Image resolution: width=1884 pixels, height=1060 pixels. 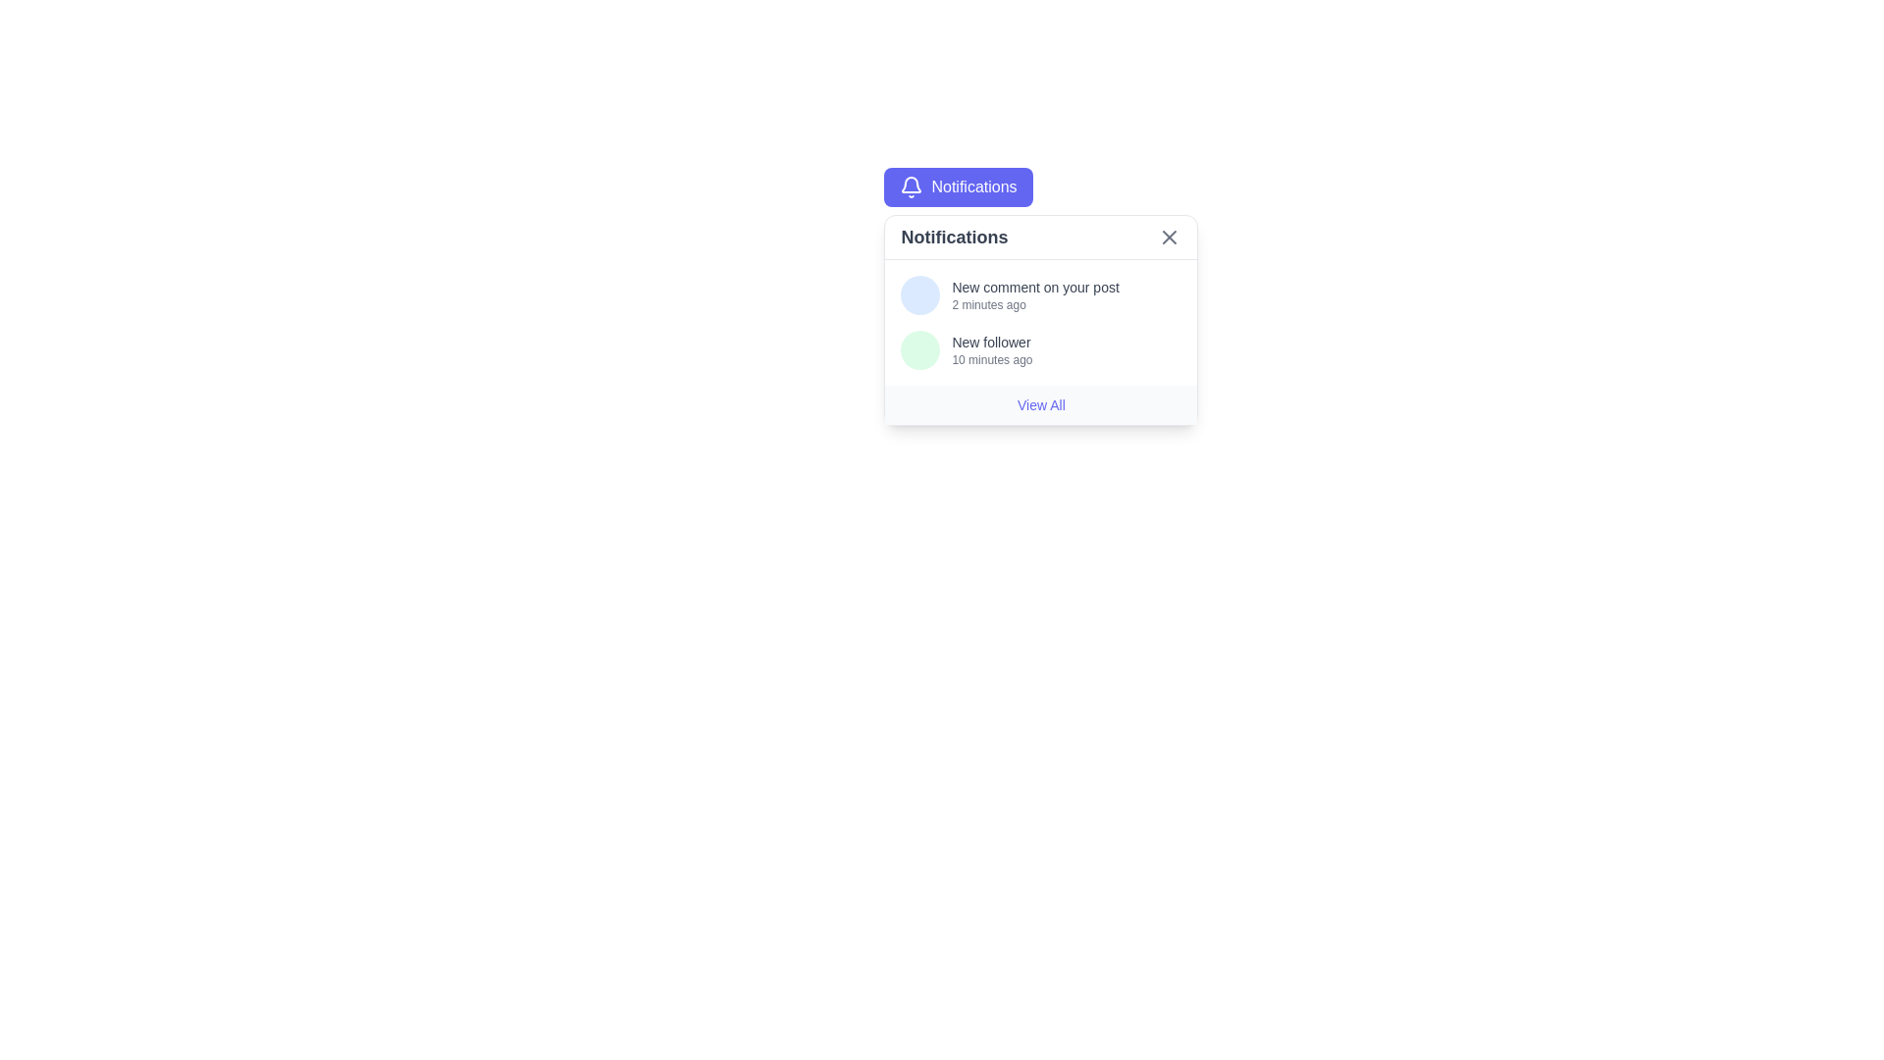 What do you see at coordinates (1034, 294) in the screenshot?
I see `notification message about a new comment on the user's post located in the upper-right notification area, which is the first notification in the list` at bounding box center [1034, 294].